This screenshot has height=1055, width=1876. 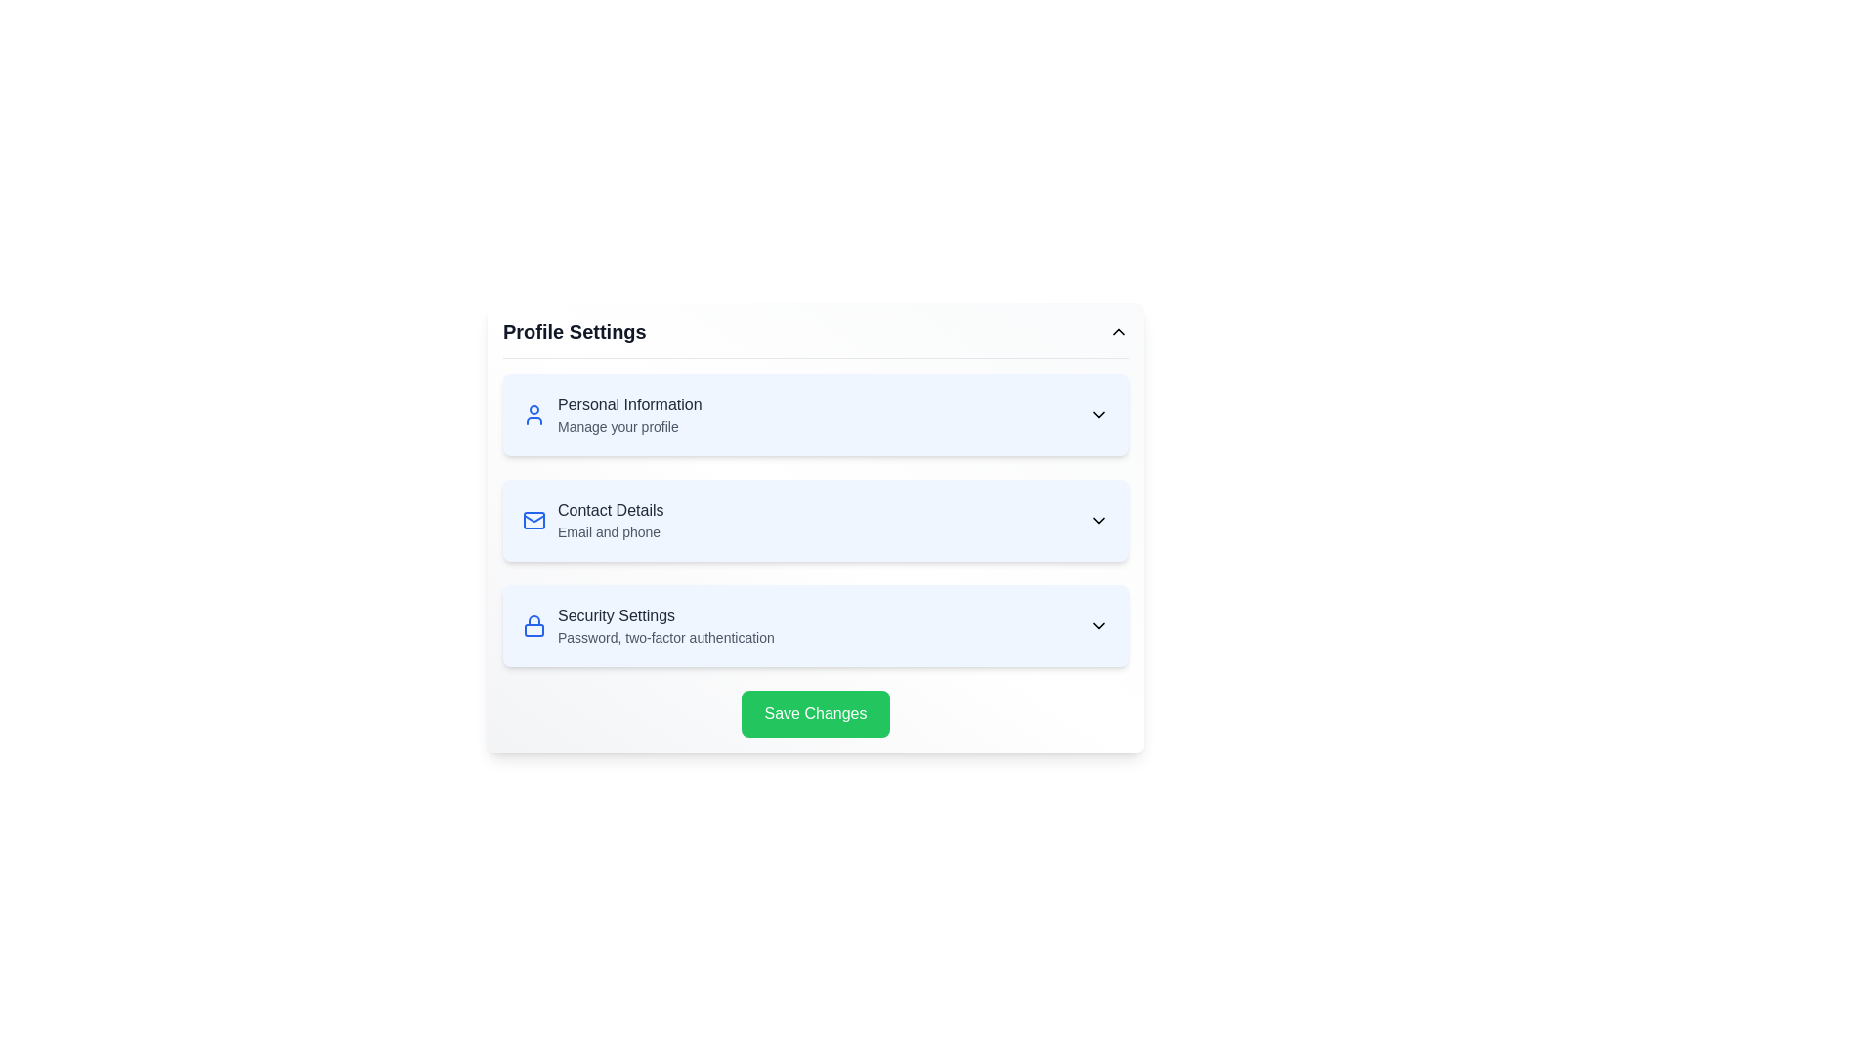 What do you see at coordinates (610, 531) in the screenshot?
I see `the text label displaying 'Email and phone' located in the 'Contact Details' section, which is styled in gray and appears smaller than nearby text` at bounding box center [610, 531].